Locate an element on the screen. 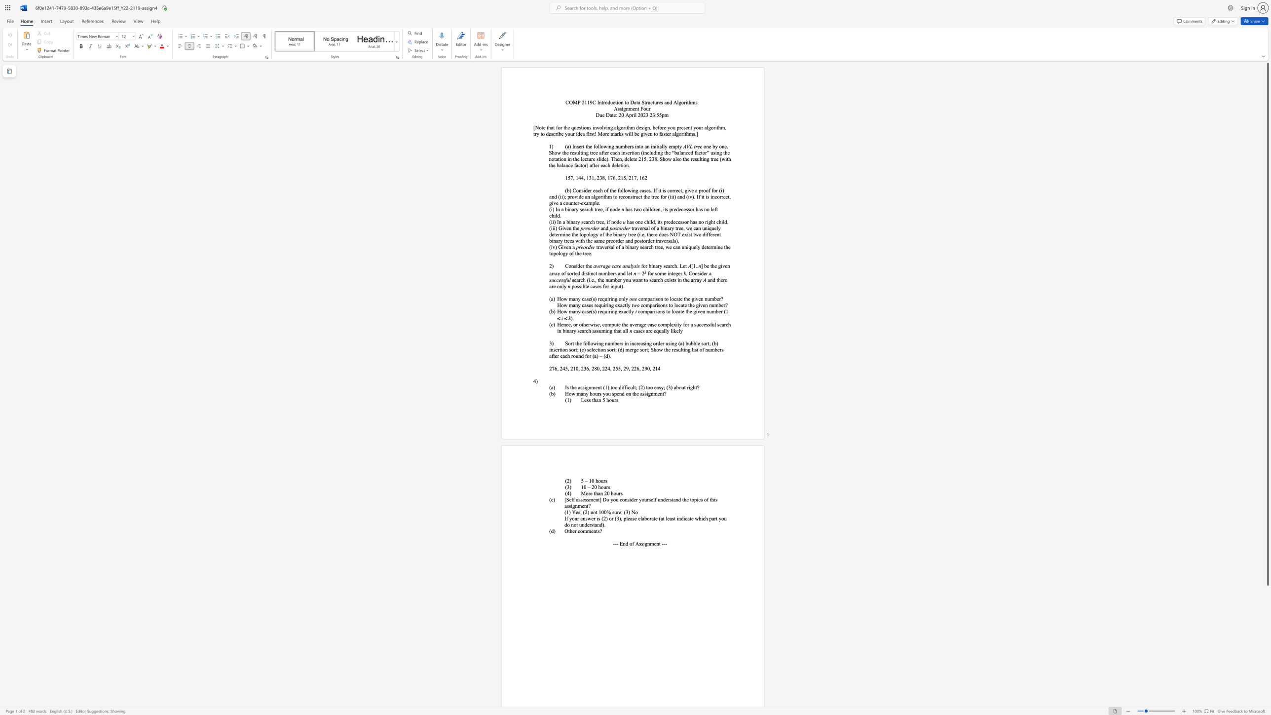  the subset text "How many" within the text "How many case(s) requiring only" is located at coordinates (557, 298).